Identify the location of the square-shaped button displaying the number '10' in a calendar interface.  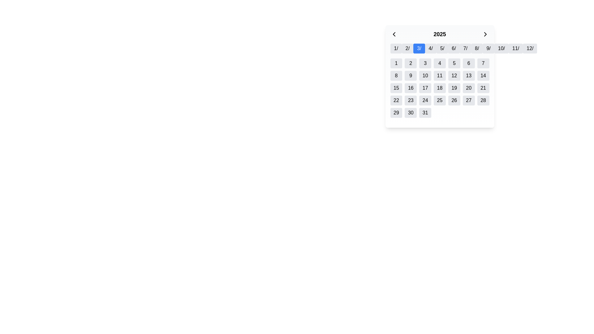
(425, 75).